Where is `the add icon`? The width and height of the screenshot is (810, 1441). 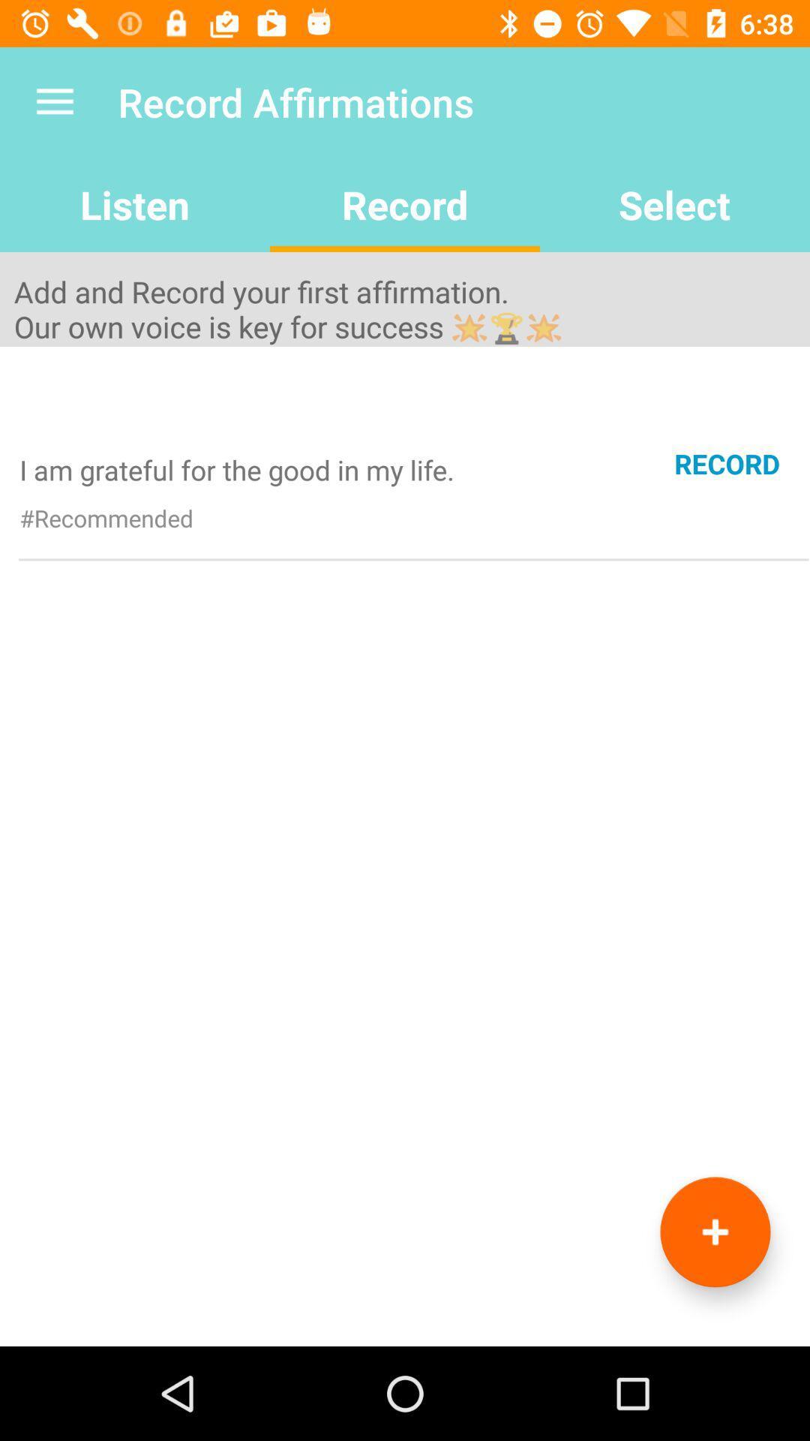
the add icon is located at coordinates (714, 1232).